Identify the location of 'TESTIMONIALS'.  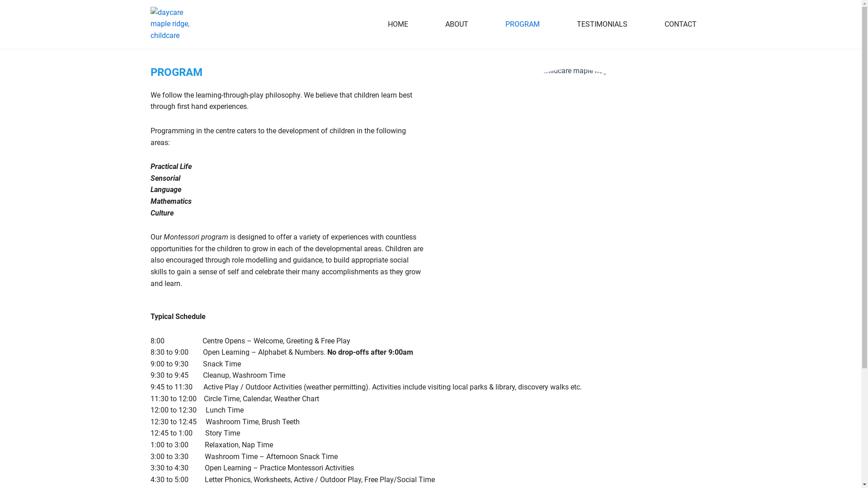
(557, 24).